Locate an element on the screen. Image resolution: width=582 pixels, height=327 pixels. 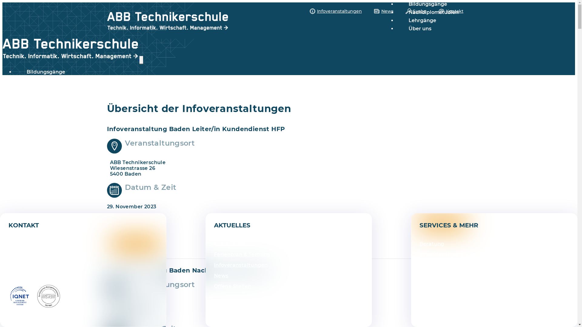
'Suche' is located at coordinates (416, 11).